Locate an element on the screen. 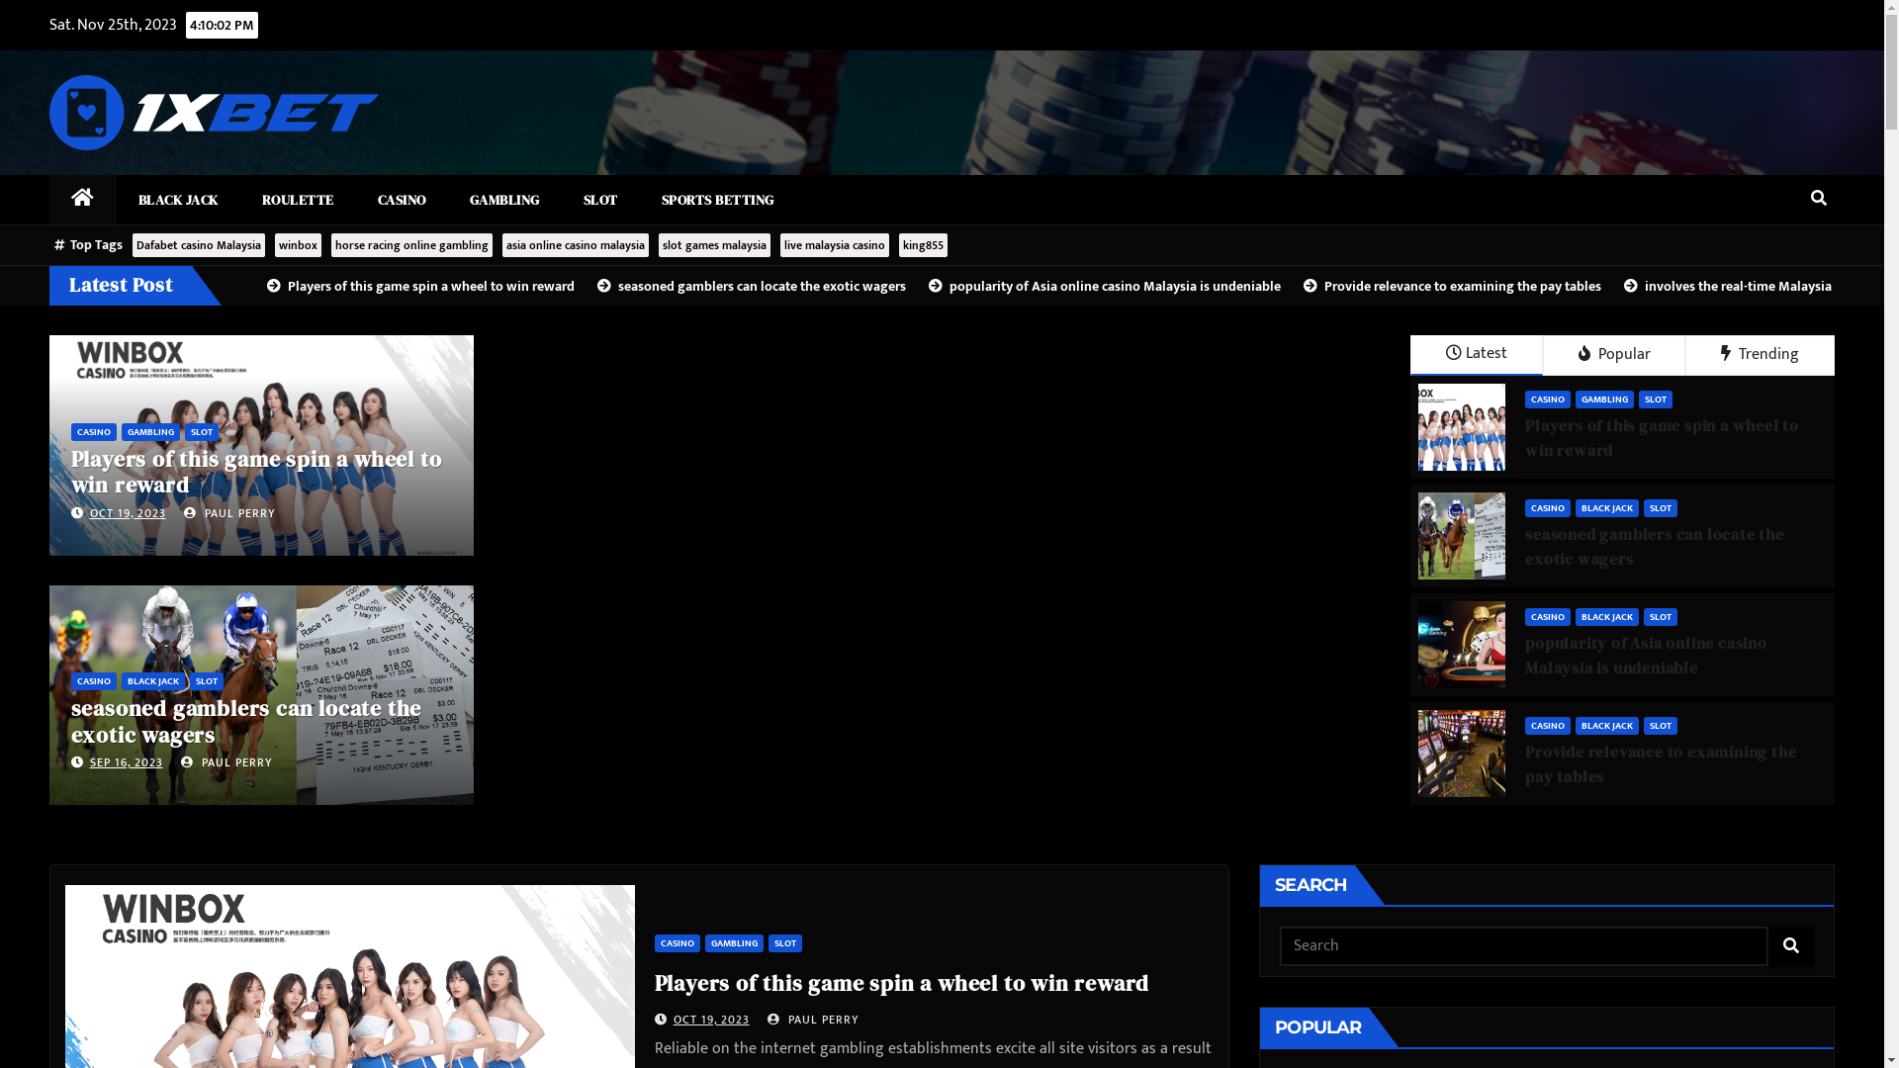 The image size is (1899, 1068). 'Popular' is located at coordinates (1614, 354).